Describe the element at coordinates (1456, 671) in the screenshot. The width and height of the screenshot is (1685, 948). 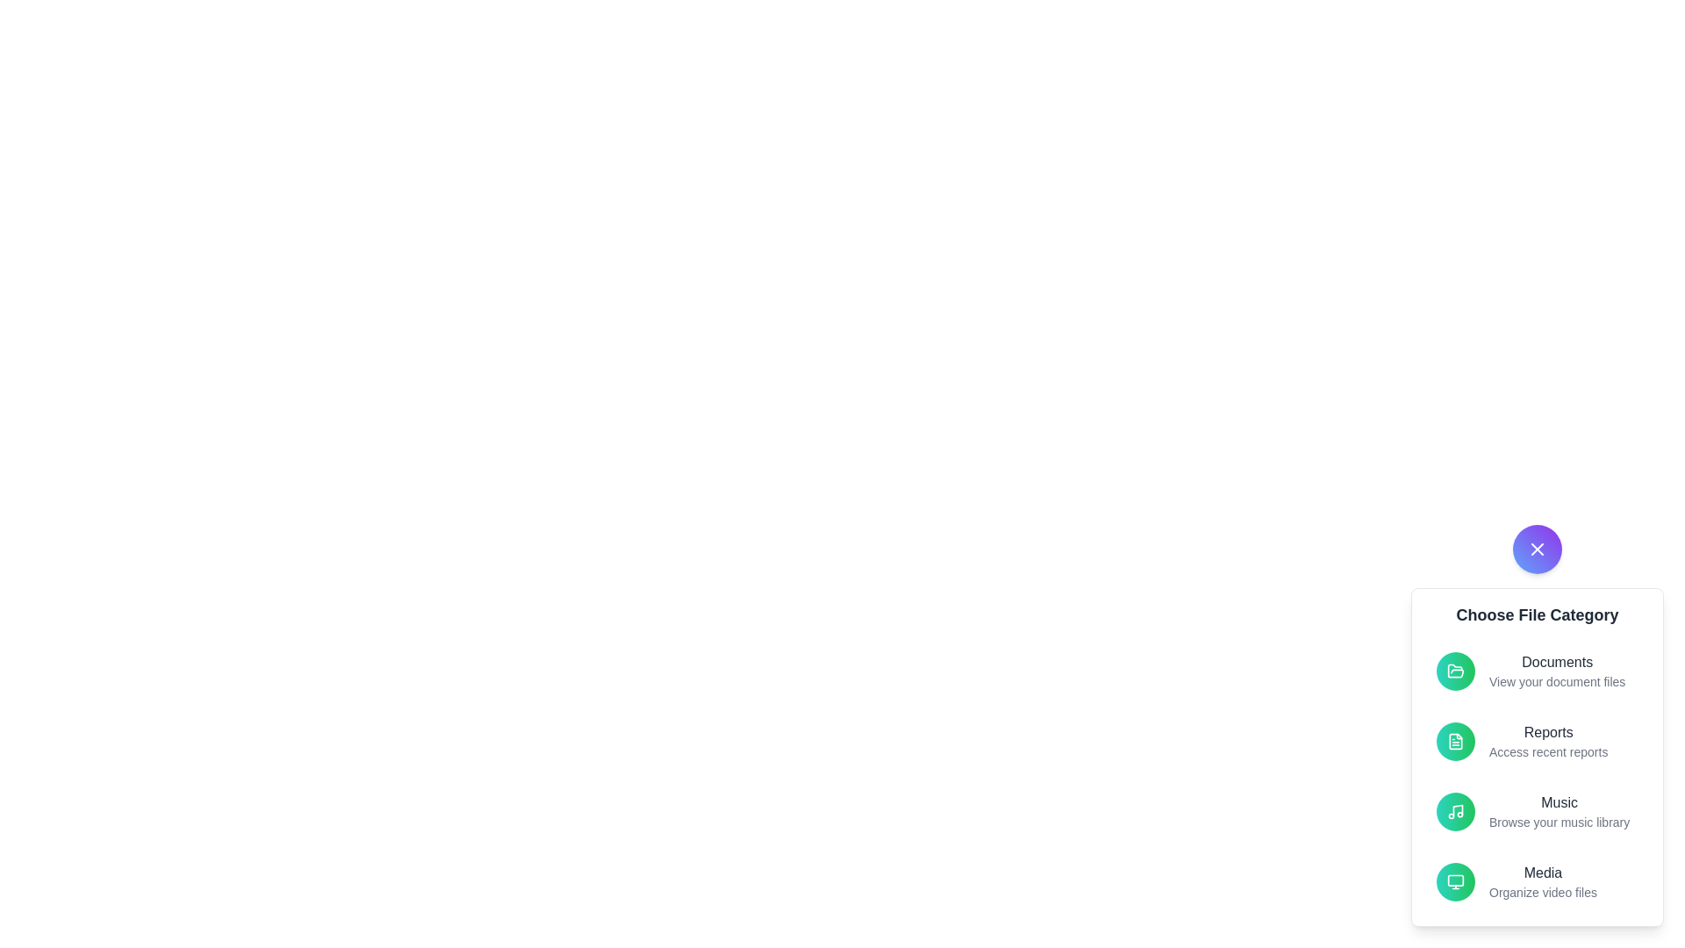
I see `the file category Documents by clicking on its respective button` at that location.